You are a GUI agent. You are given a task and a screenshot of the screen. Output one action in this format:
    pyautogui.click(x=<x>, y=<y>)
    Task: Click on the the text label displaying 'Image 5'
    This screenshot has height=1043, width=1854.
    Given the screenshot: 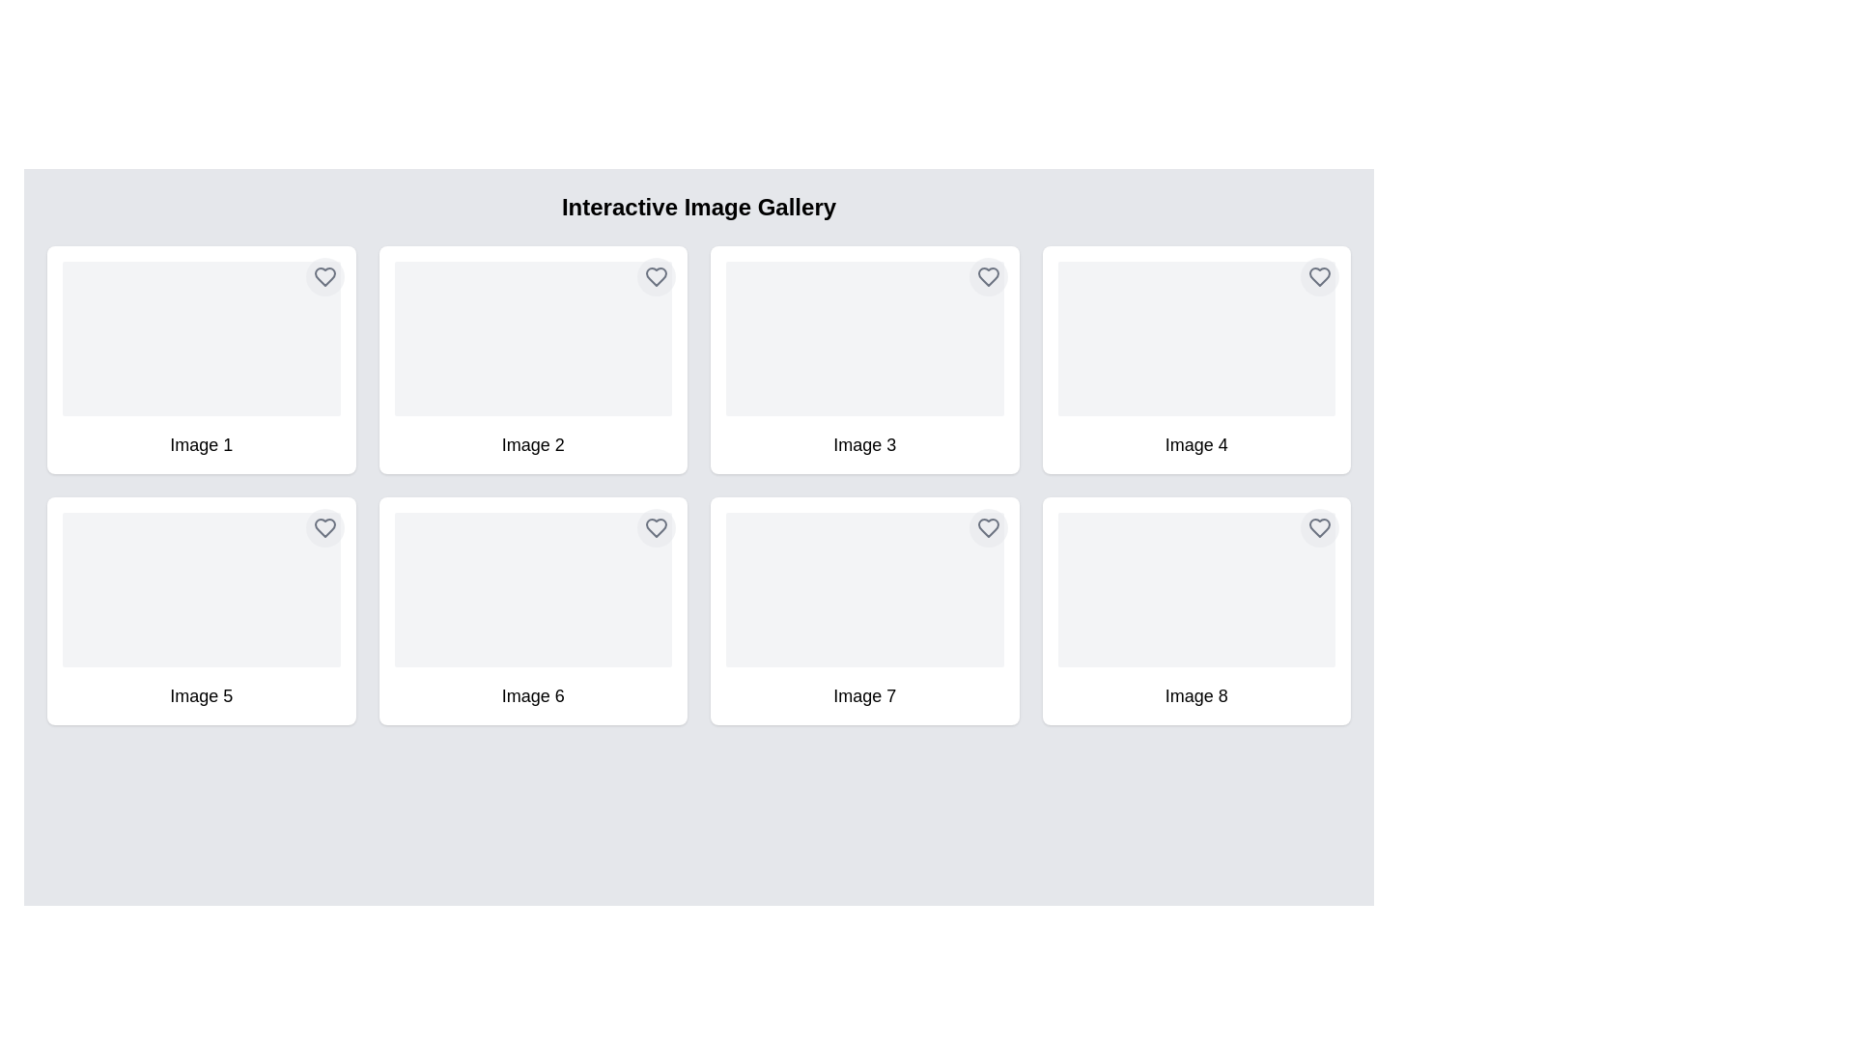 What is the action you would take?
    pyautogui.click(x=201, y=696)
    